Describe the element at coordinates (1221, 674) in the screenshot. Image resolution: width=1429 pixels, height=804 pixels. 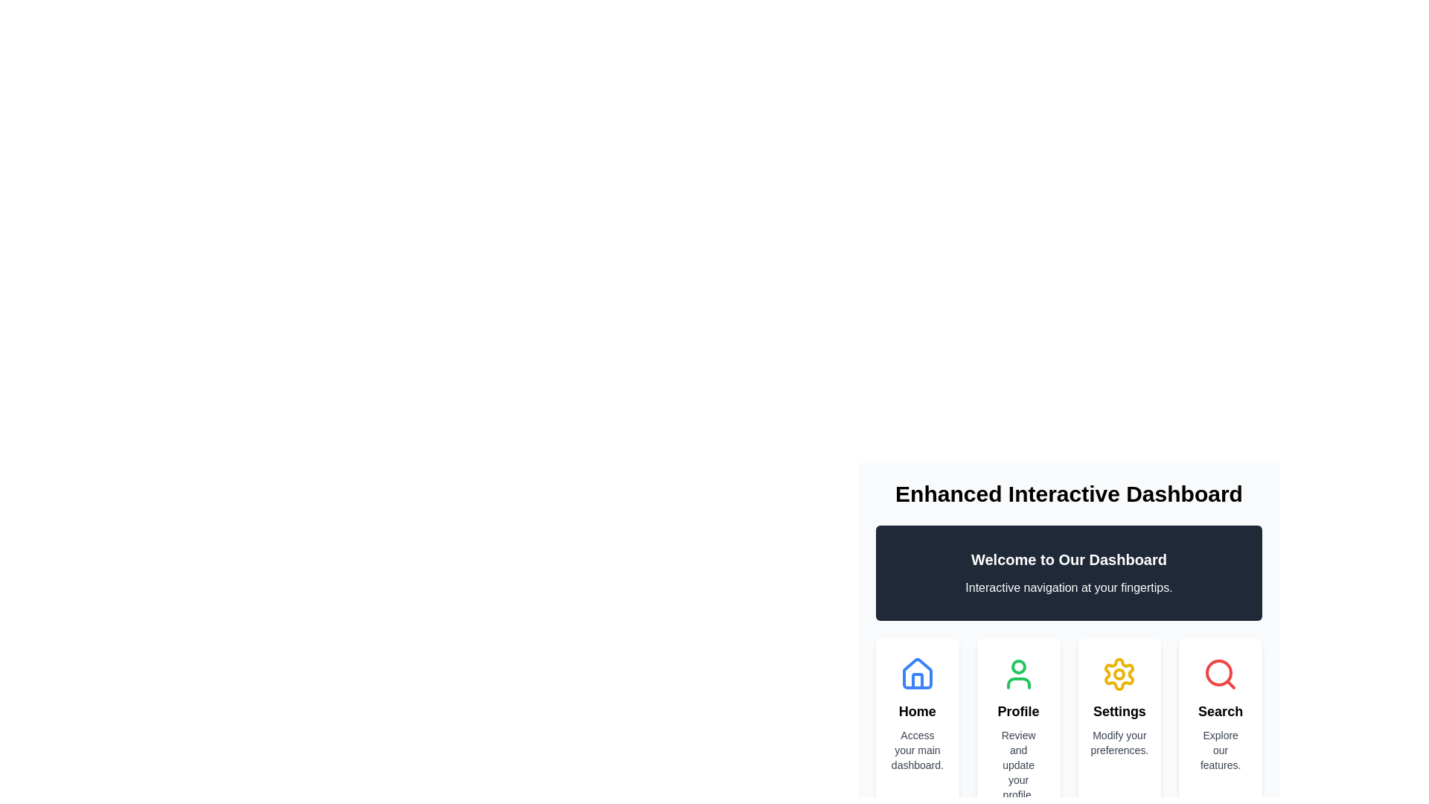
I see `the search icon located in the rightmost card labeled 'Search' at the bottom right of the interface` at that location.